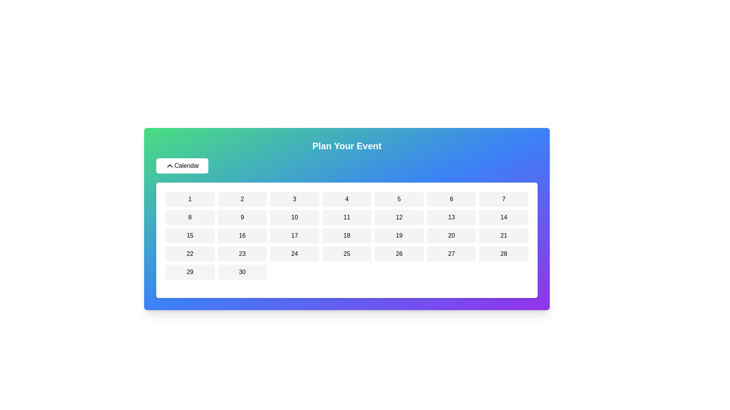  Describe the element at coordinates (346, 218) in the screenshot. I see `the button representing the eleventh day in a calendar UI to observe its hover effect` at that location.